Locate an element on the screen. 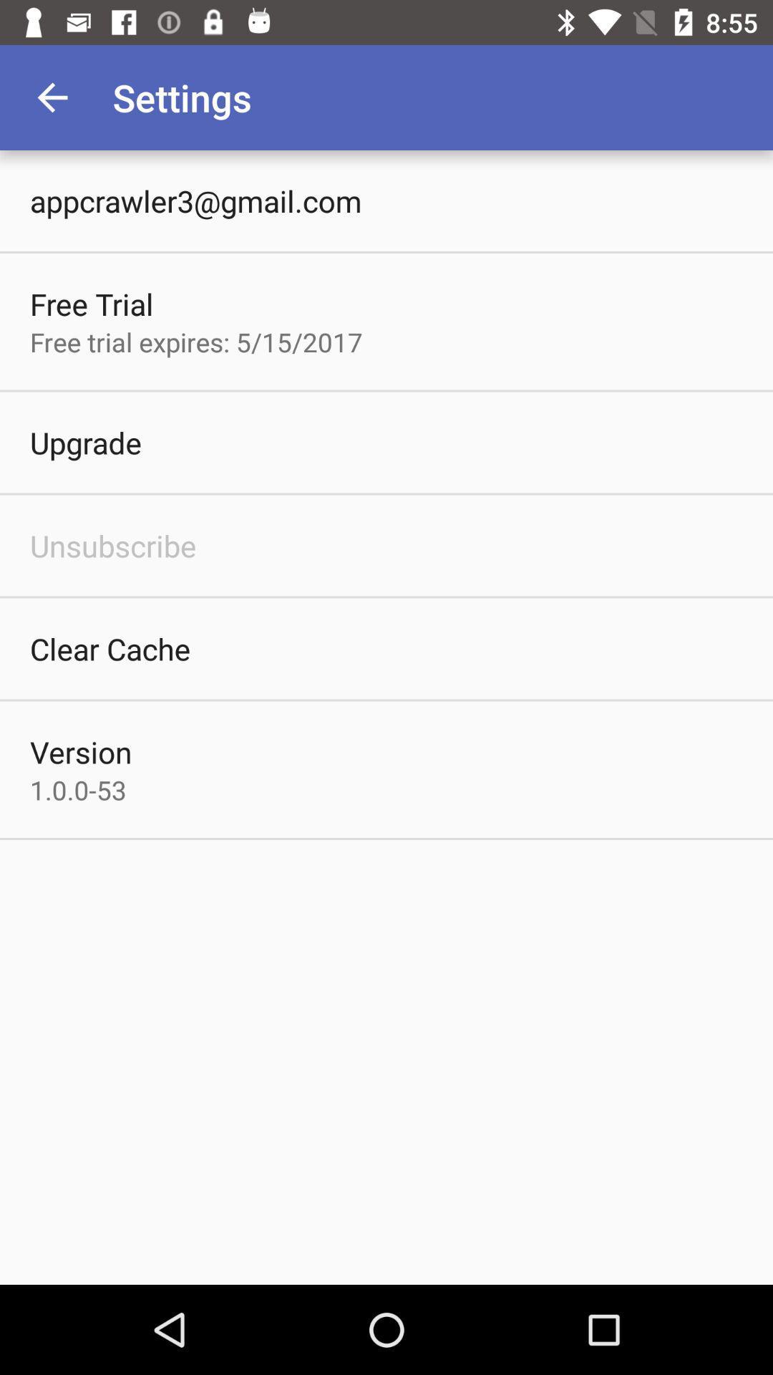 The height and width of the screenshot is (1375, 773). upgrade icon is located at coordinates (85, 442).